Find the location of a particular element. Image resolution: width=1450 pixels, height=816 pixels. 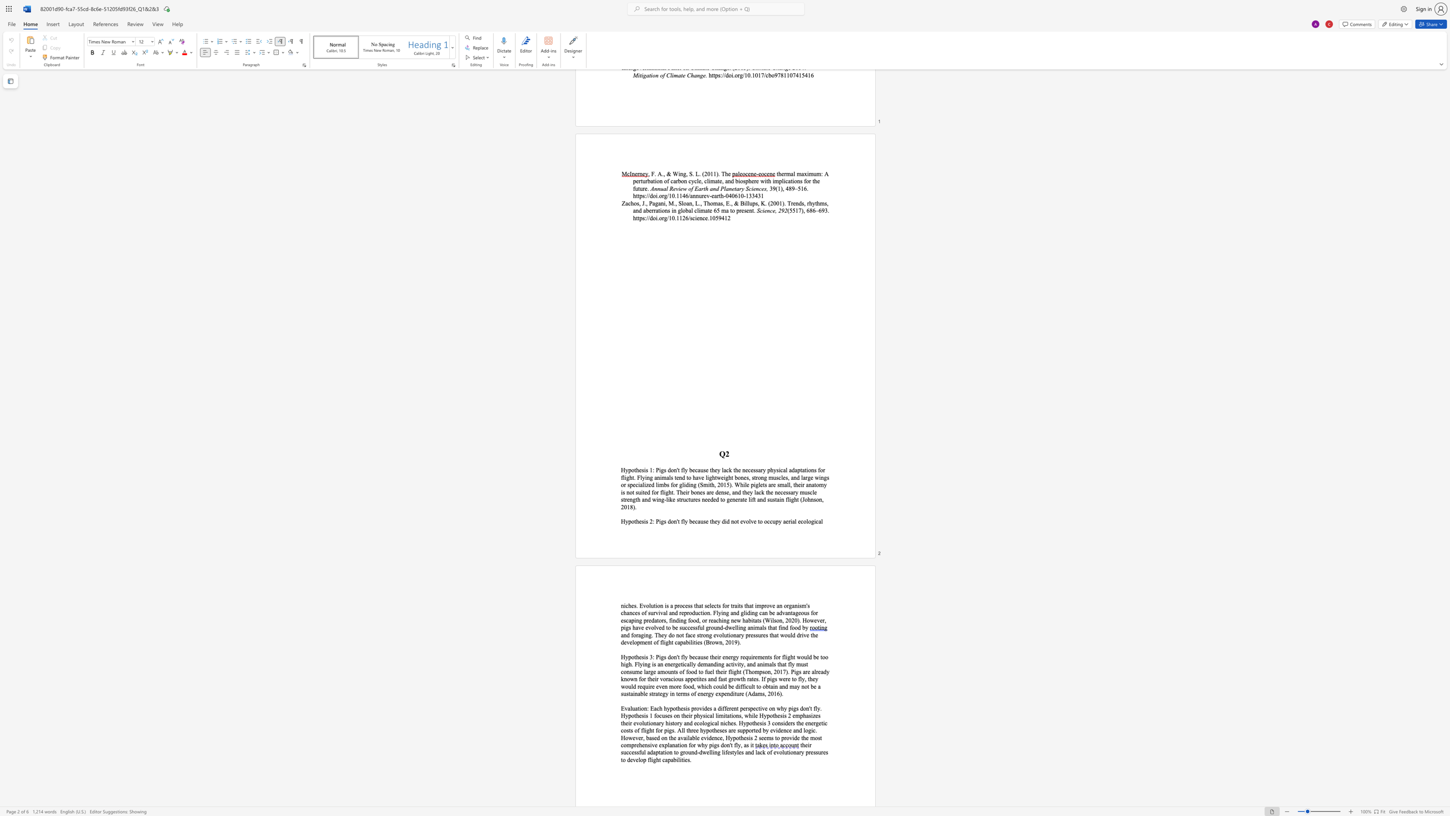

the 3th character "h" in the text is located at coordinates (623, 663).